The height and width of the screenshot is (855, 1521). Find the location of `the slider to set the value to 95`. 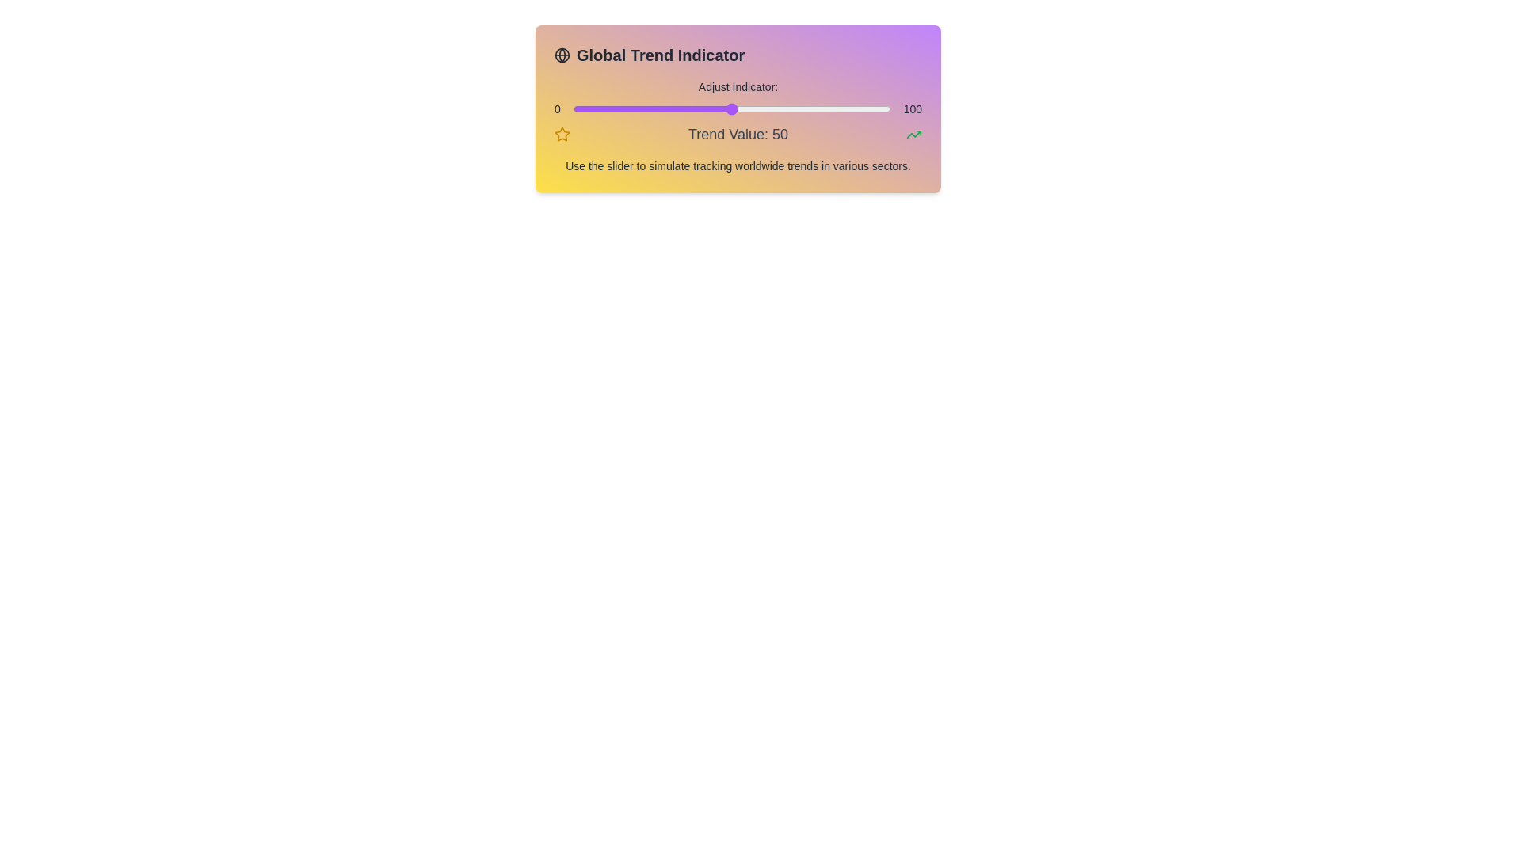

the slider to set the value to 95 is located at coordinates (874, 108).